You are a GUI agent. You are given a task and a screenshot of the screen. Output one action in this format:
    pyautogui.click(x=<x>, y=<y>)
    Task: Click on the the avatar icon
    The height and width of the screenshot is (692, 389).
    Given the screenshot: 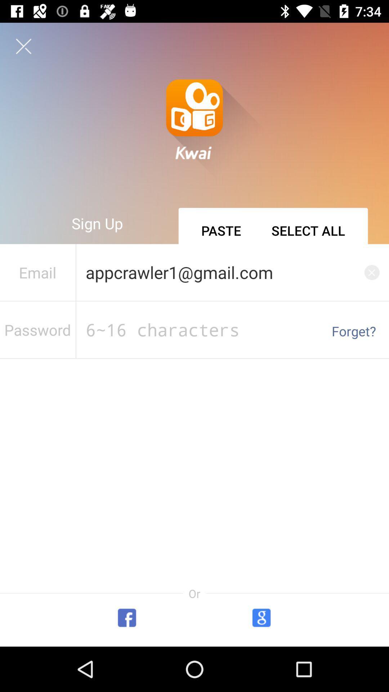 What is the action you would take?
    pyautogui.click(x=261, y=617)
    